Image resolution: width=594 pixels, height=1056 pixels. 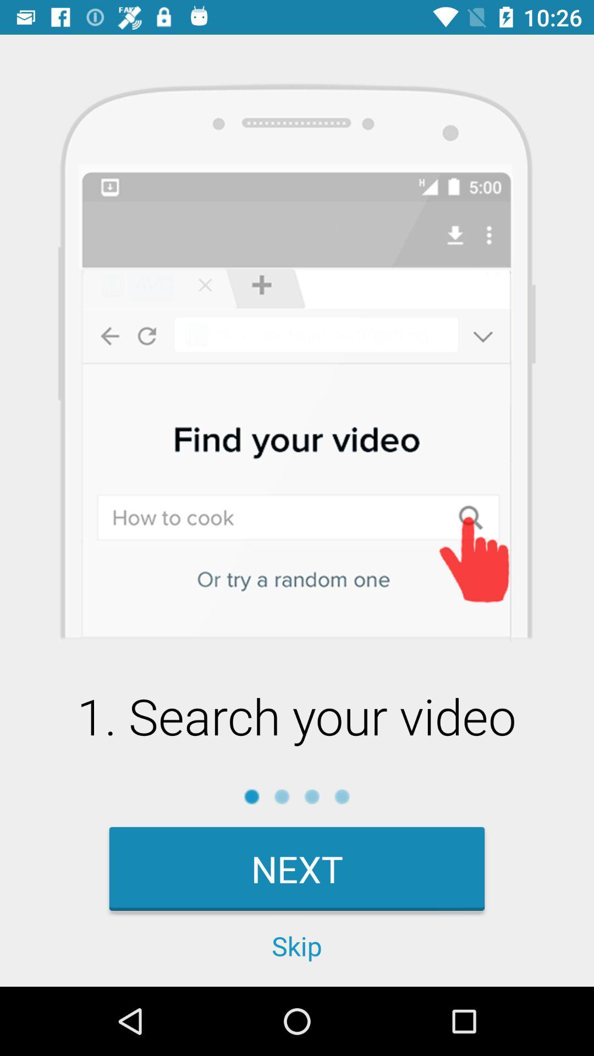 What do you see at coordinates (297, 945) in the screenshot?
I see `the skip` at bounding box center [297, 945].